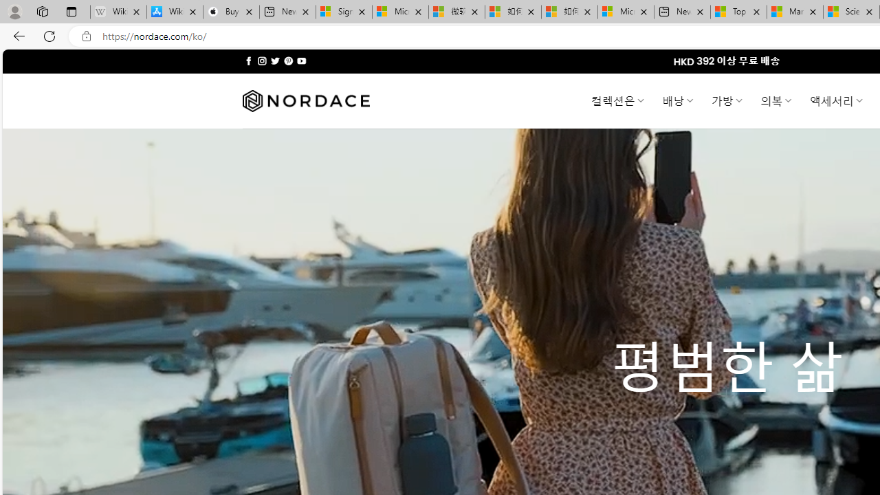 The image size is (880, 495). I want to click on 'Marine life - MSN', so click(795, 12).